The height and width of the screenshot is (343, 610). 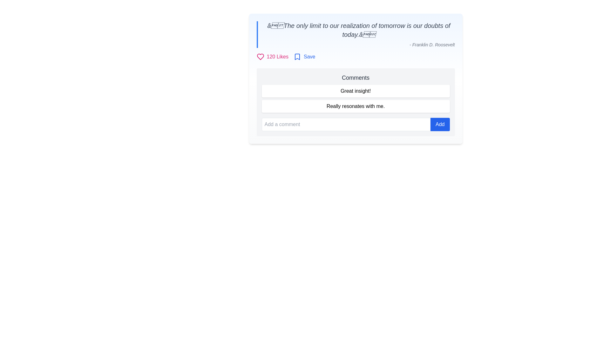 What do you see at coordinates (260, 56) in the screenshot?
I see `the red outlined heart icon located to the left of the '120 Likes' text` at bounding box center [260, 56].